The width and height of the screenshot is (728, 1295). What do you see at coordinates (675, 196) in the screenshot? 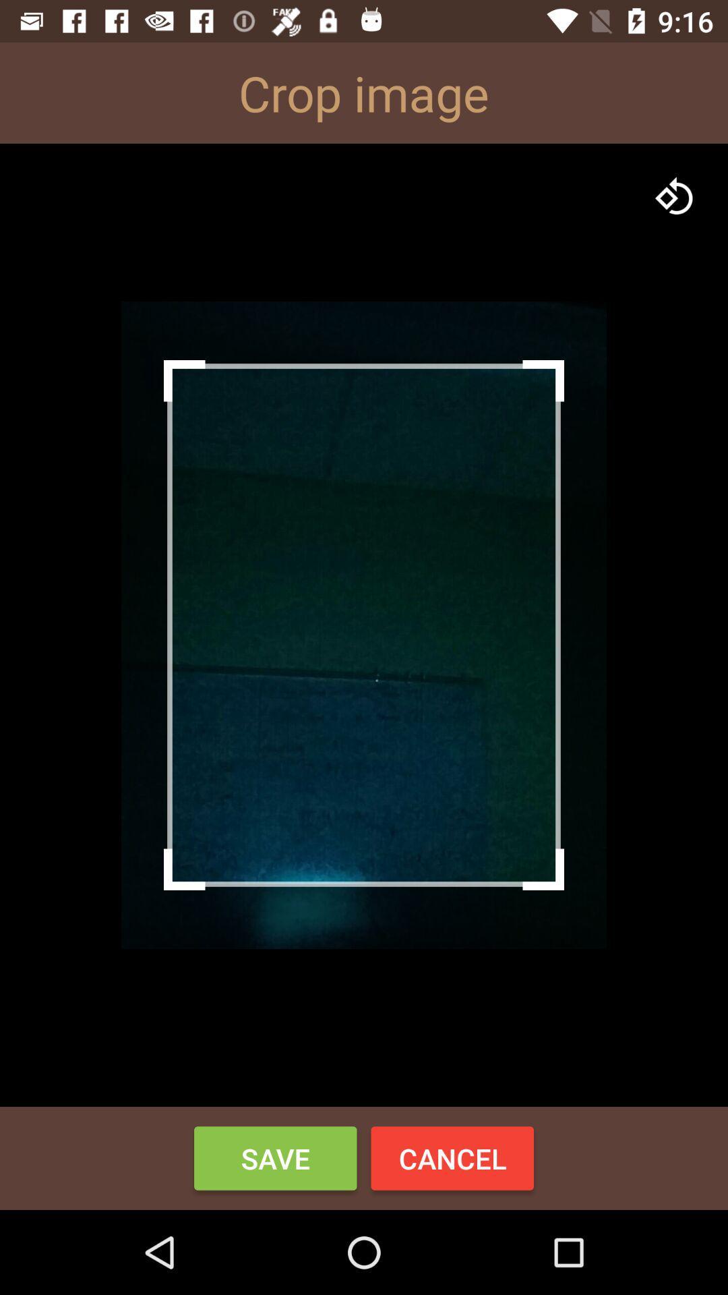
I see `the item at the top right corner` at bounding box center [675, 196].